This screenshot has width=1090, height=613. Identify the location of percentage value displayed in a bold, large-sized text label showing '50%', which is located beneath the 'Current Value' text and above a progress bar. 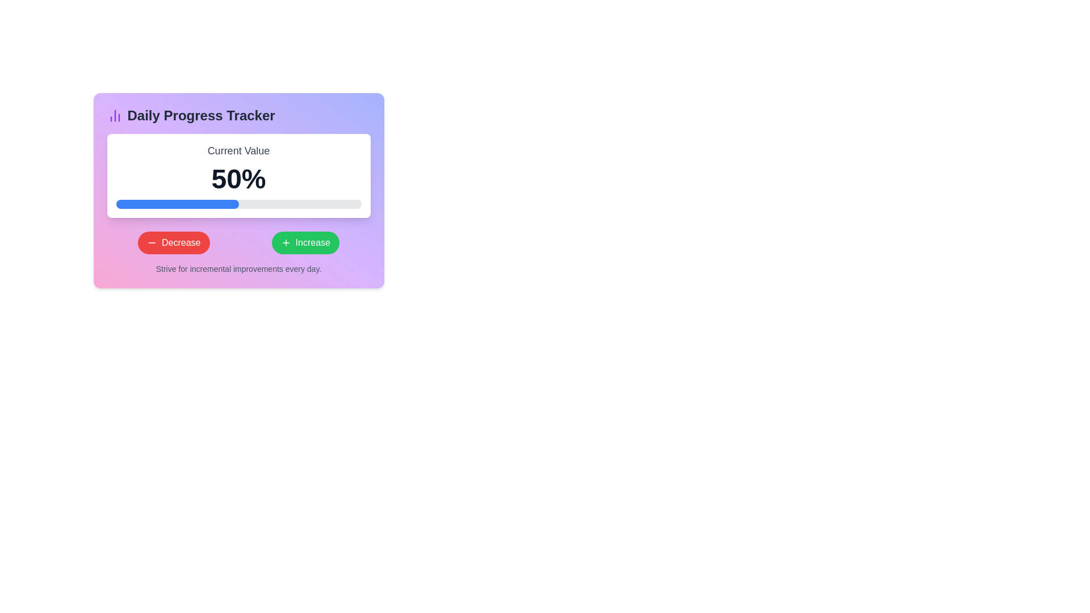
(238, 179).